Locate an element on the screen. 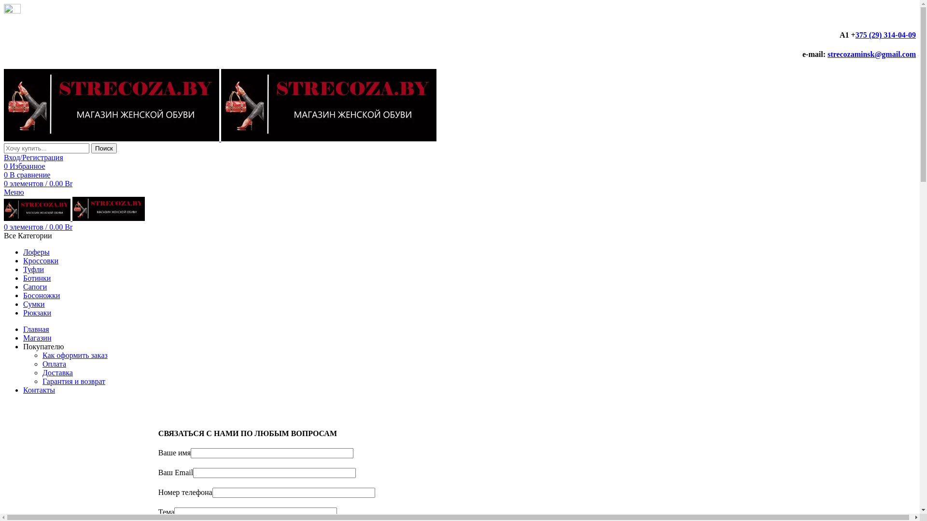  '375 (29) 314-04-09' is located at coordinates (855, 34).